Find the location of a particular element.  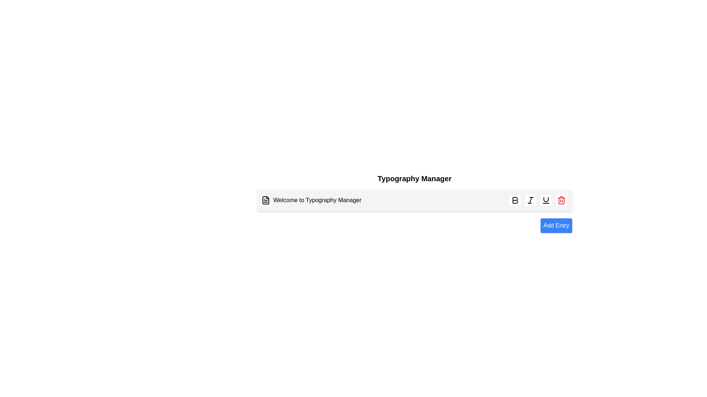

the square button with rounded edges and an underlined 'U' icon is located at coordinates (546, 200).